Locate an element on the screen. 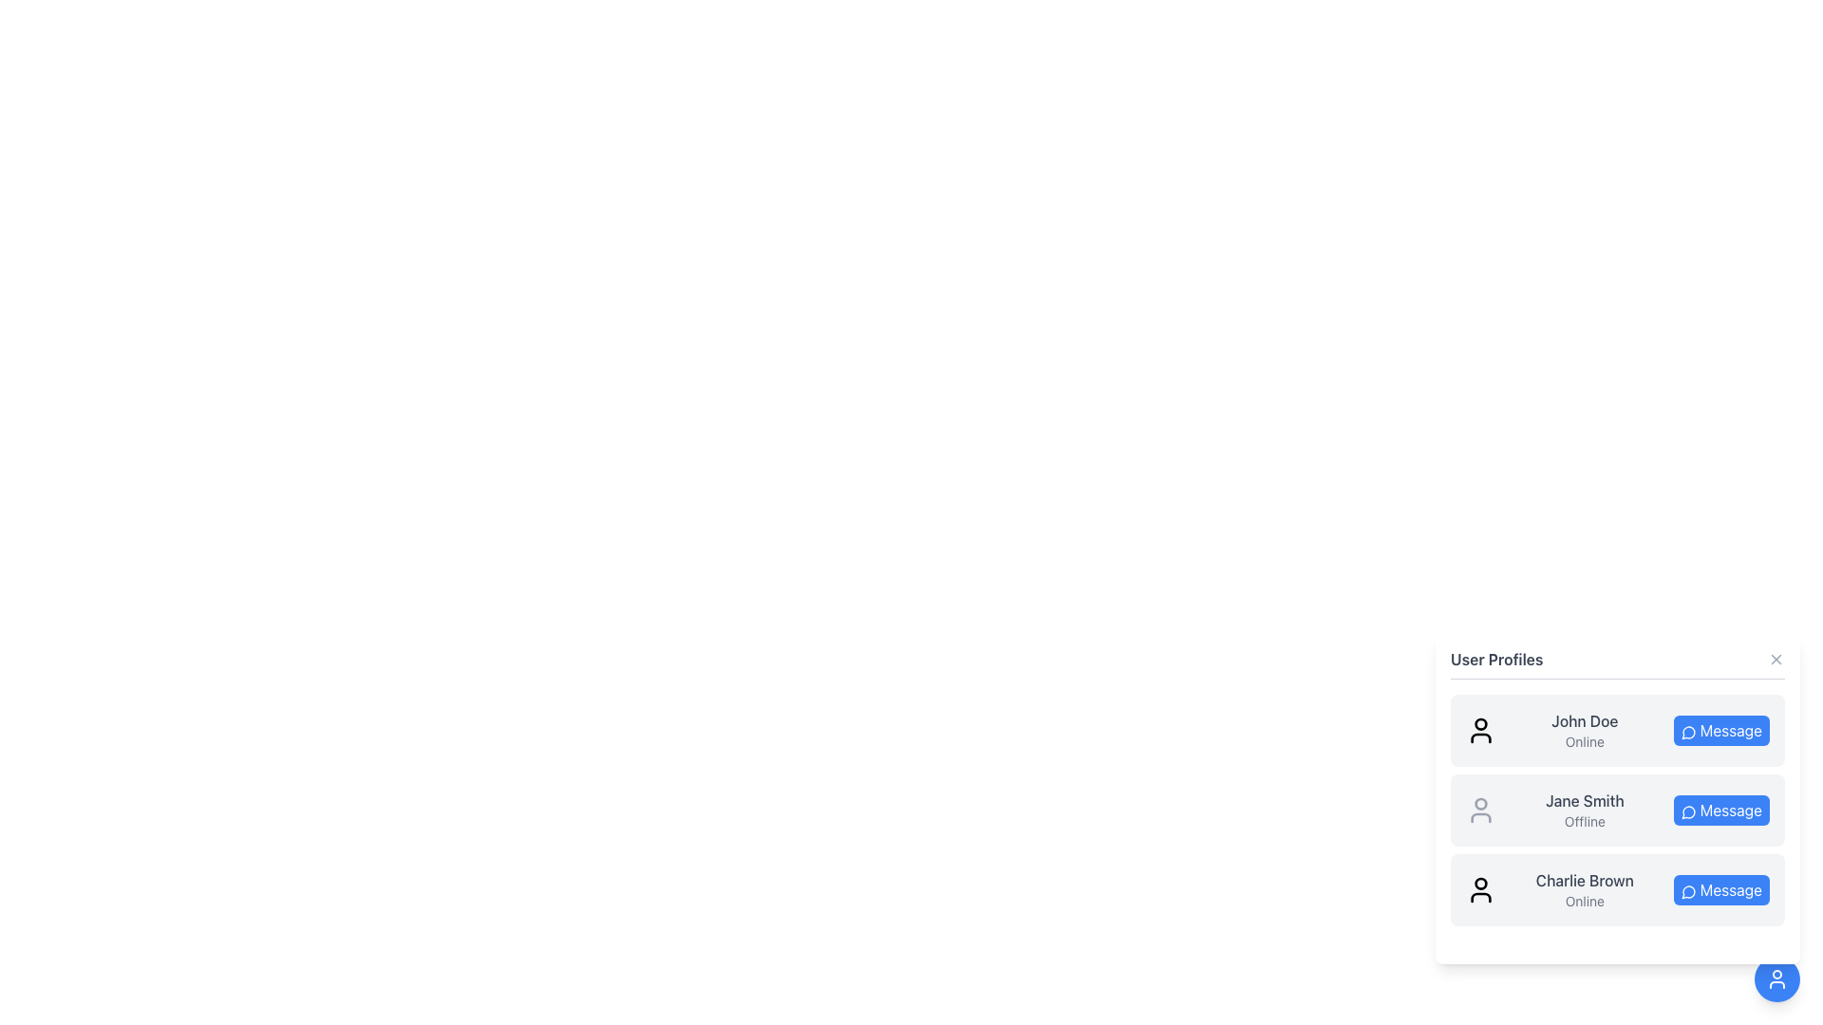  the messaging icon embedded in the first user's 'Message' button on the user profile card, located at the top right adjacent to the user's name and status is located at coordinates (1688, 732).